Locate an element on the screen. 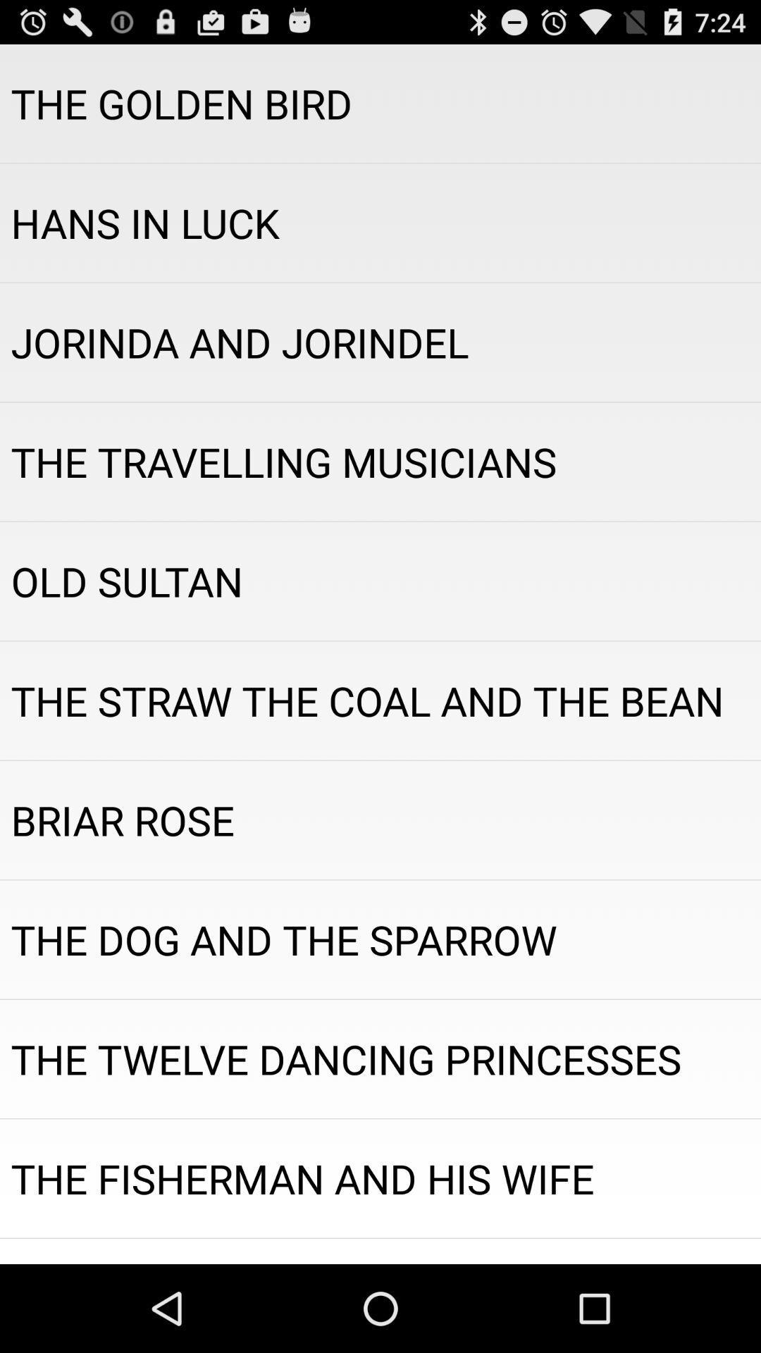 This screenshot has width=761, height=1353. the the travelling musicians icon is located at coordinates (380, 462).